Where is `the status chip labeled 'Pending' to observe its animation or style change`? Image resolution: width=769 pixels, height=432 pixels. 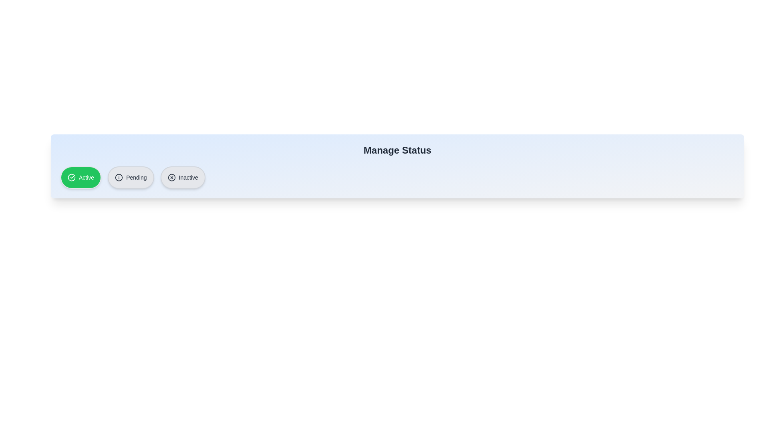 the status chip labeled 'Pending' to observe its animation or style change is located at coordinates (131, 177).